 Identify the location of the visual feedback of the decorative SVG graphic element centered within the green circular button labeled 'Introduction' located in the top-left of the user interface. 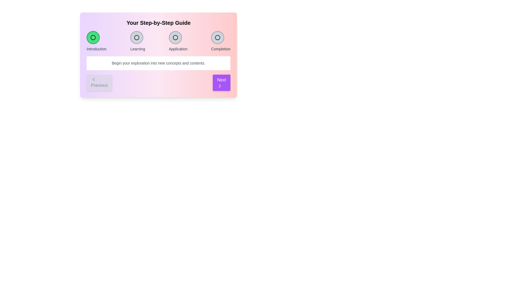
(93, 37).